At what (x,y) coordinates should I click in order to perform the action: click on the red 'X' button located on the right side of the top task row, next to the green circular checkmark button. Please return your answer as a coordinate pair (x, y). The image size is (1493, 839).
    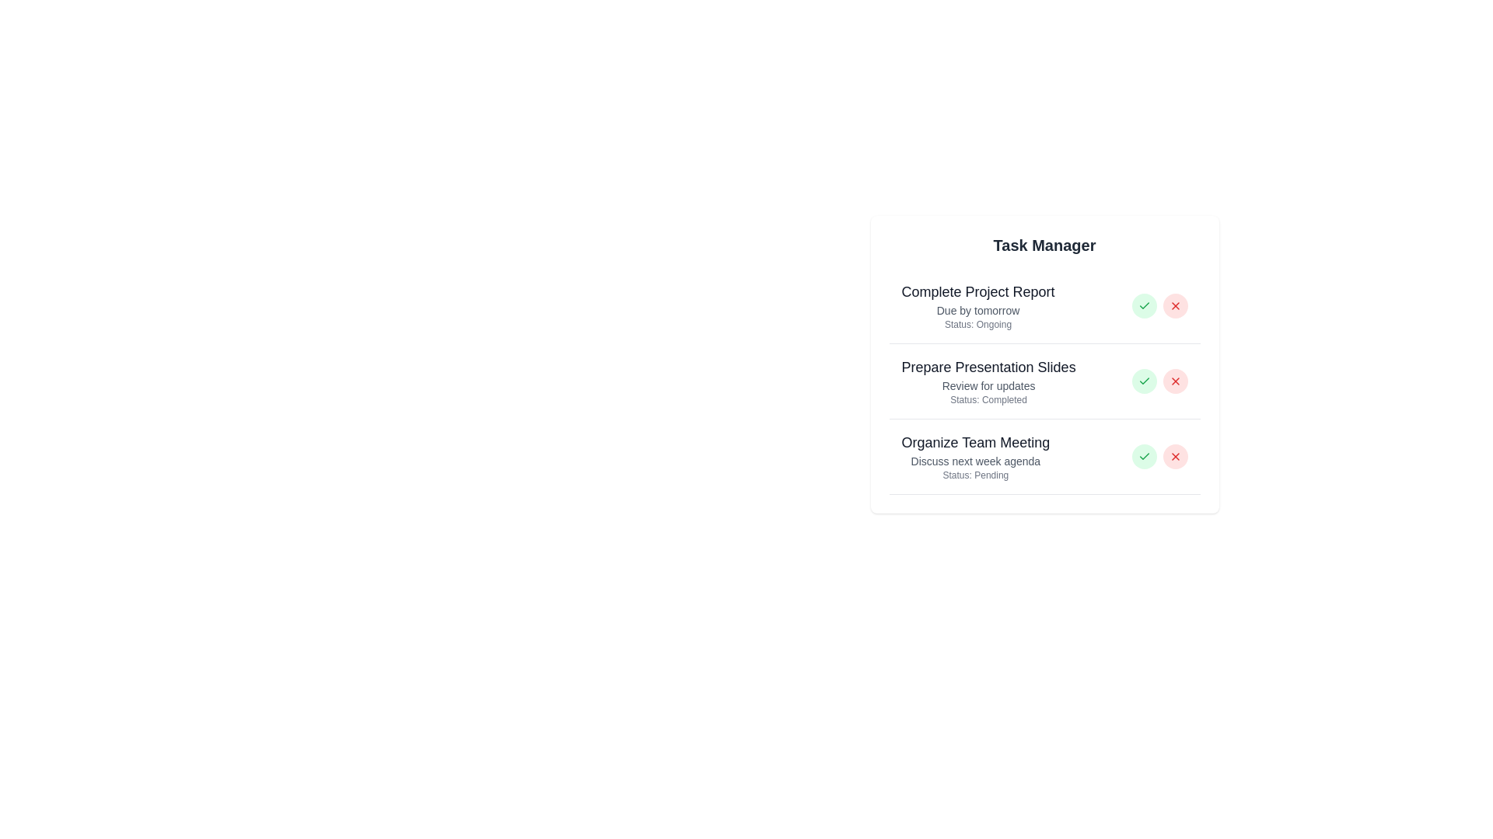
    Looking at the image, I should click on (1175, 305).